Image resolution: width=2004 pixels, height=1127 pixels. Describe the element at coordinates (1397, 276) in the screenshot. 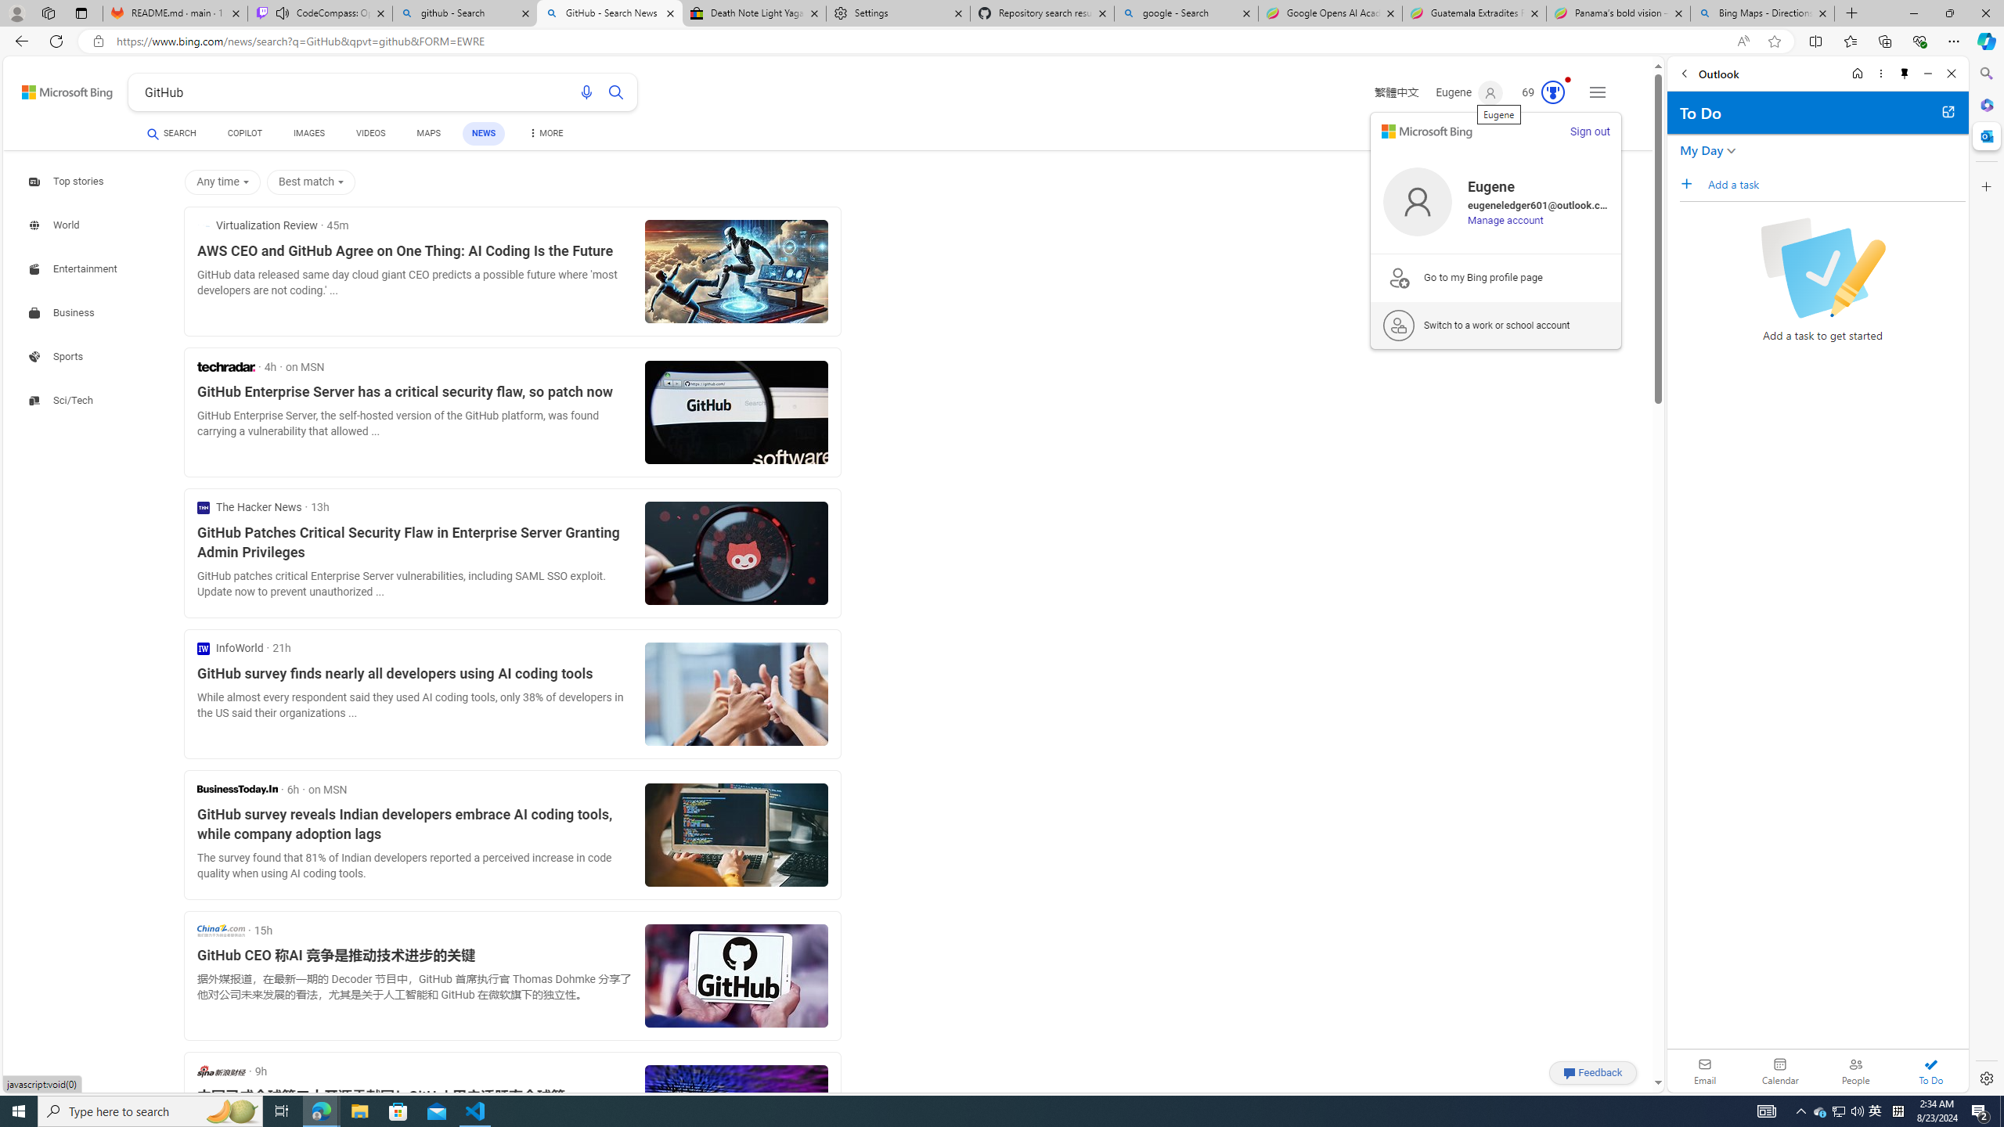

I see `'Bing Pages Upsell Logo'` at that location.